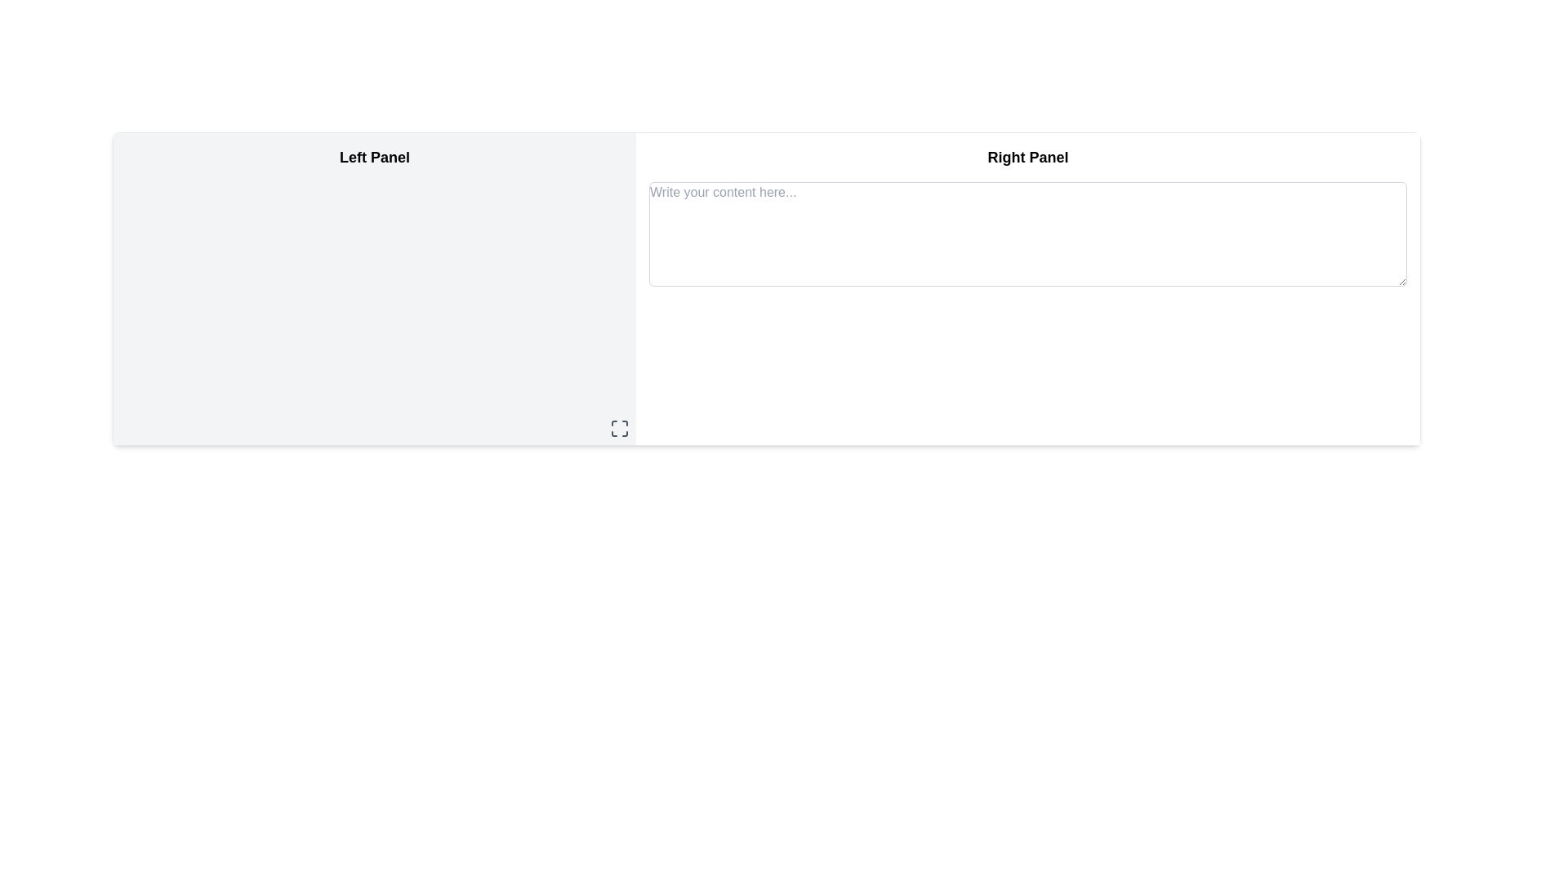  What do you see at coordinates (1027, 288) in the screenshot?
I see `the user input and display context panel located on the right half of the interface` at bounding box center [1027, 288].